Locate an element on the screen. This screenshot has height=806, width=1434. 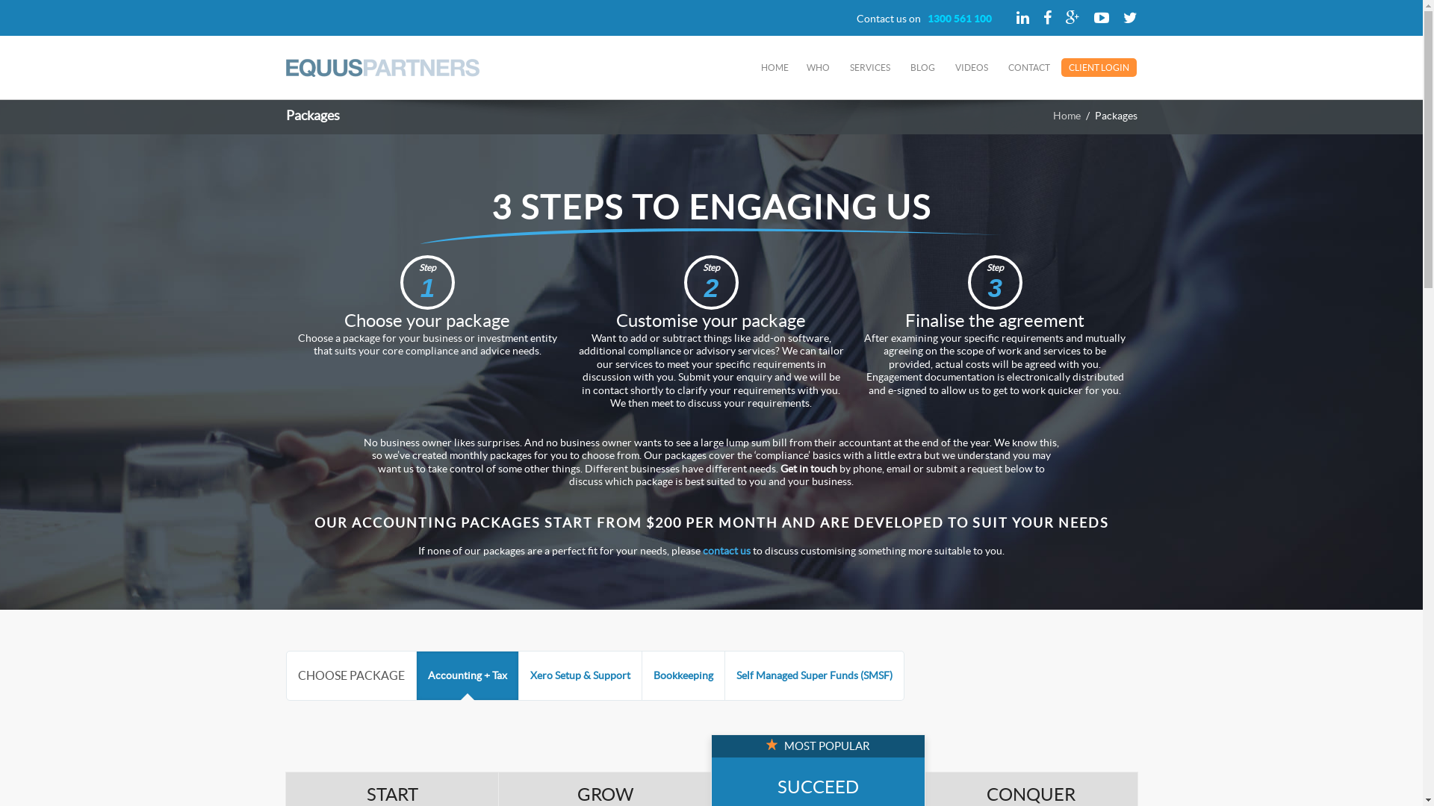
'Home' is located at coordinates (1066, 114).